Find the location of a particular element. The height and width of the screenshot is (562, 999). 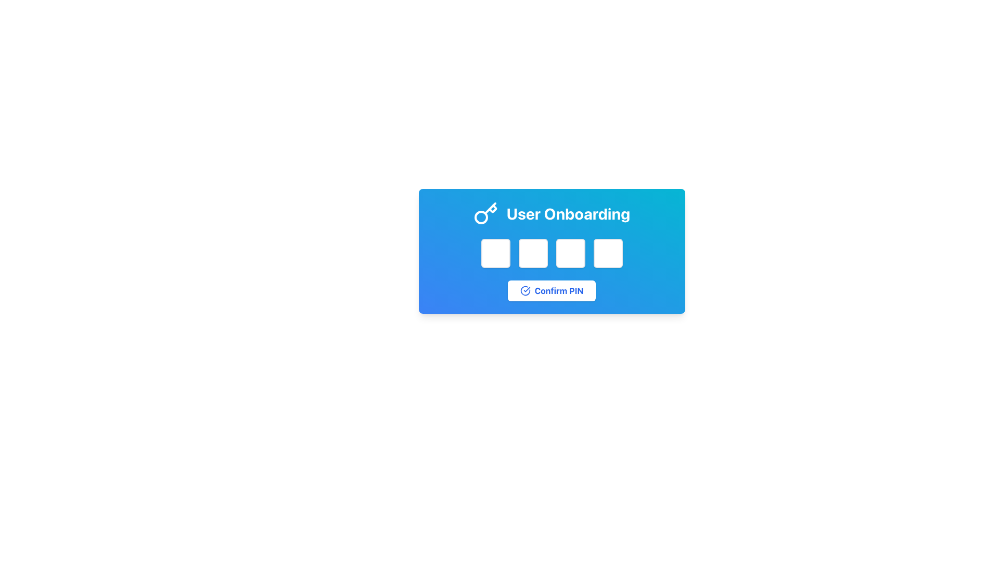

SVG properties of the diagonal line segment that forms part of the key-shaped icon located in the upper-left quadrant of the 'User Onboarding' card is located at coordinates (489, 208).